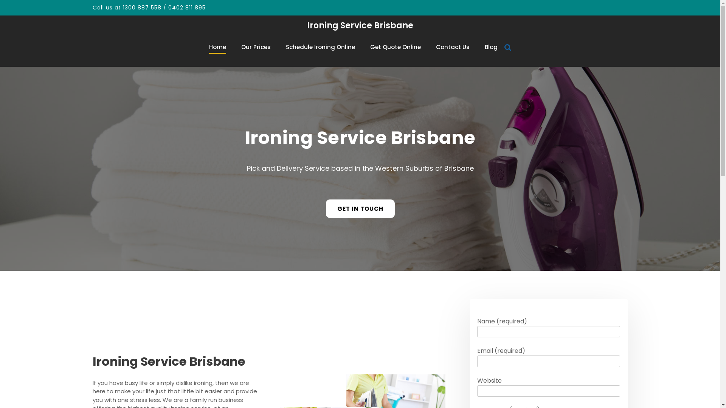 This screenshot has width=726, height=408. I want to click on 'Our Prices', so click(241, 47).